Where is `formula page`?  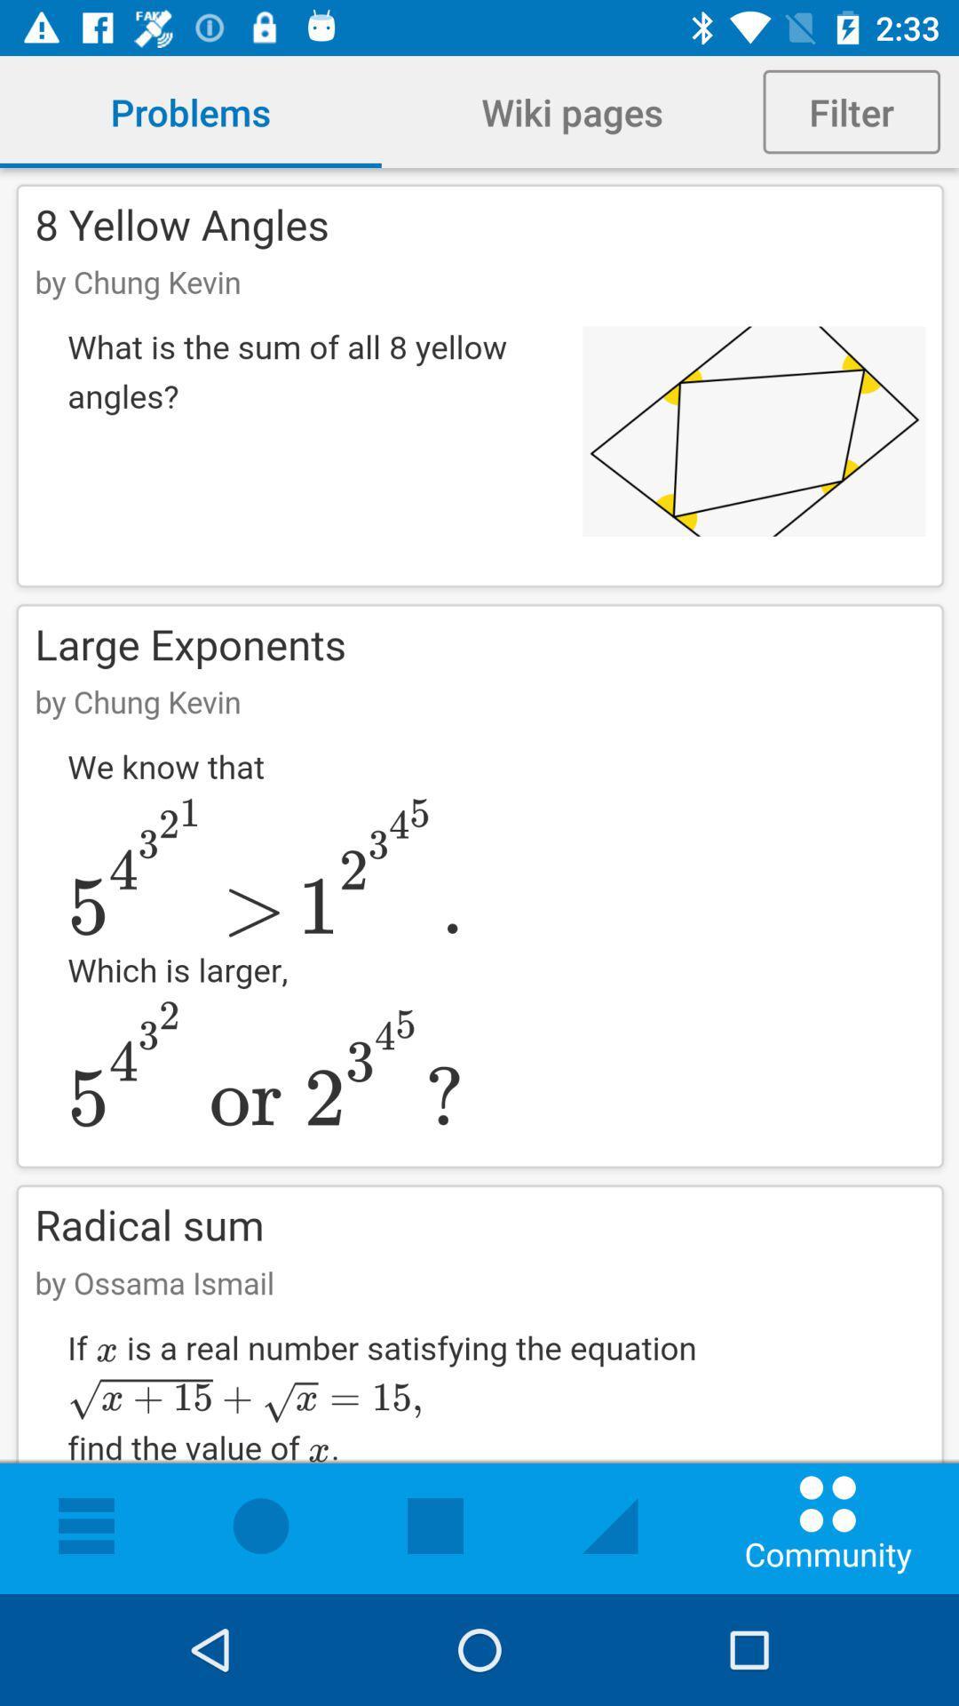
formula page is located at coordinates (479, 881).